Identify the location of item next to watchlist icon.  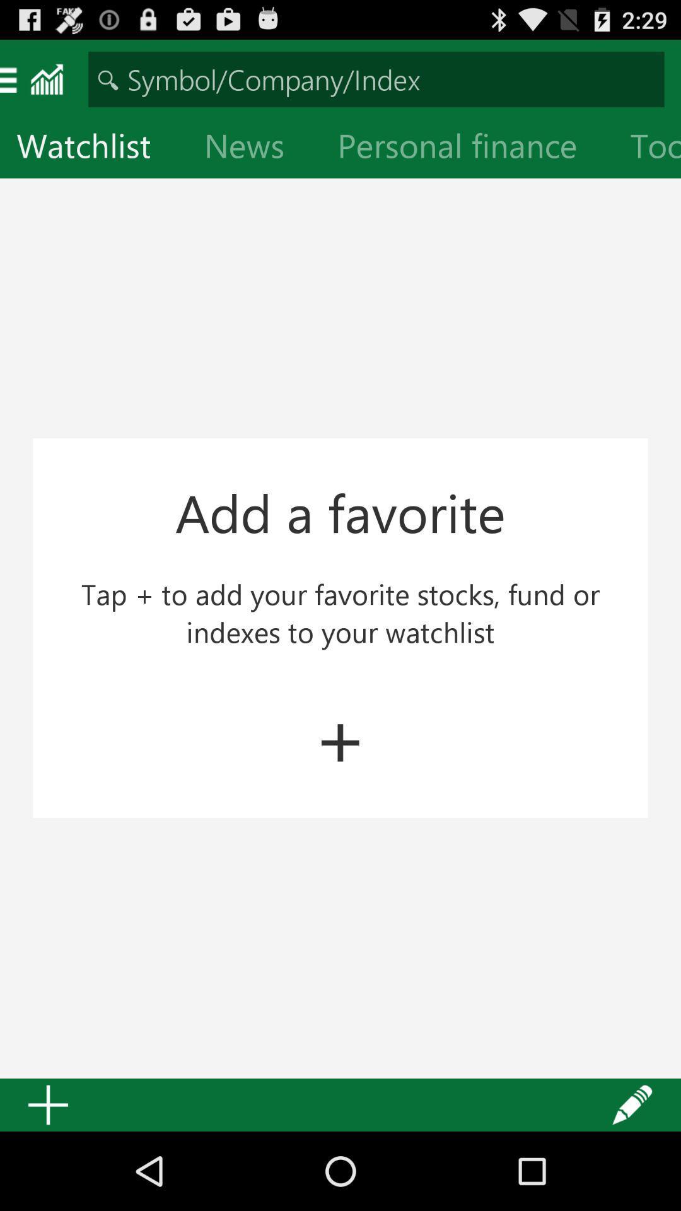
(254, 148).